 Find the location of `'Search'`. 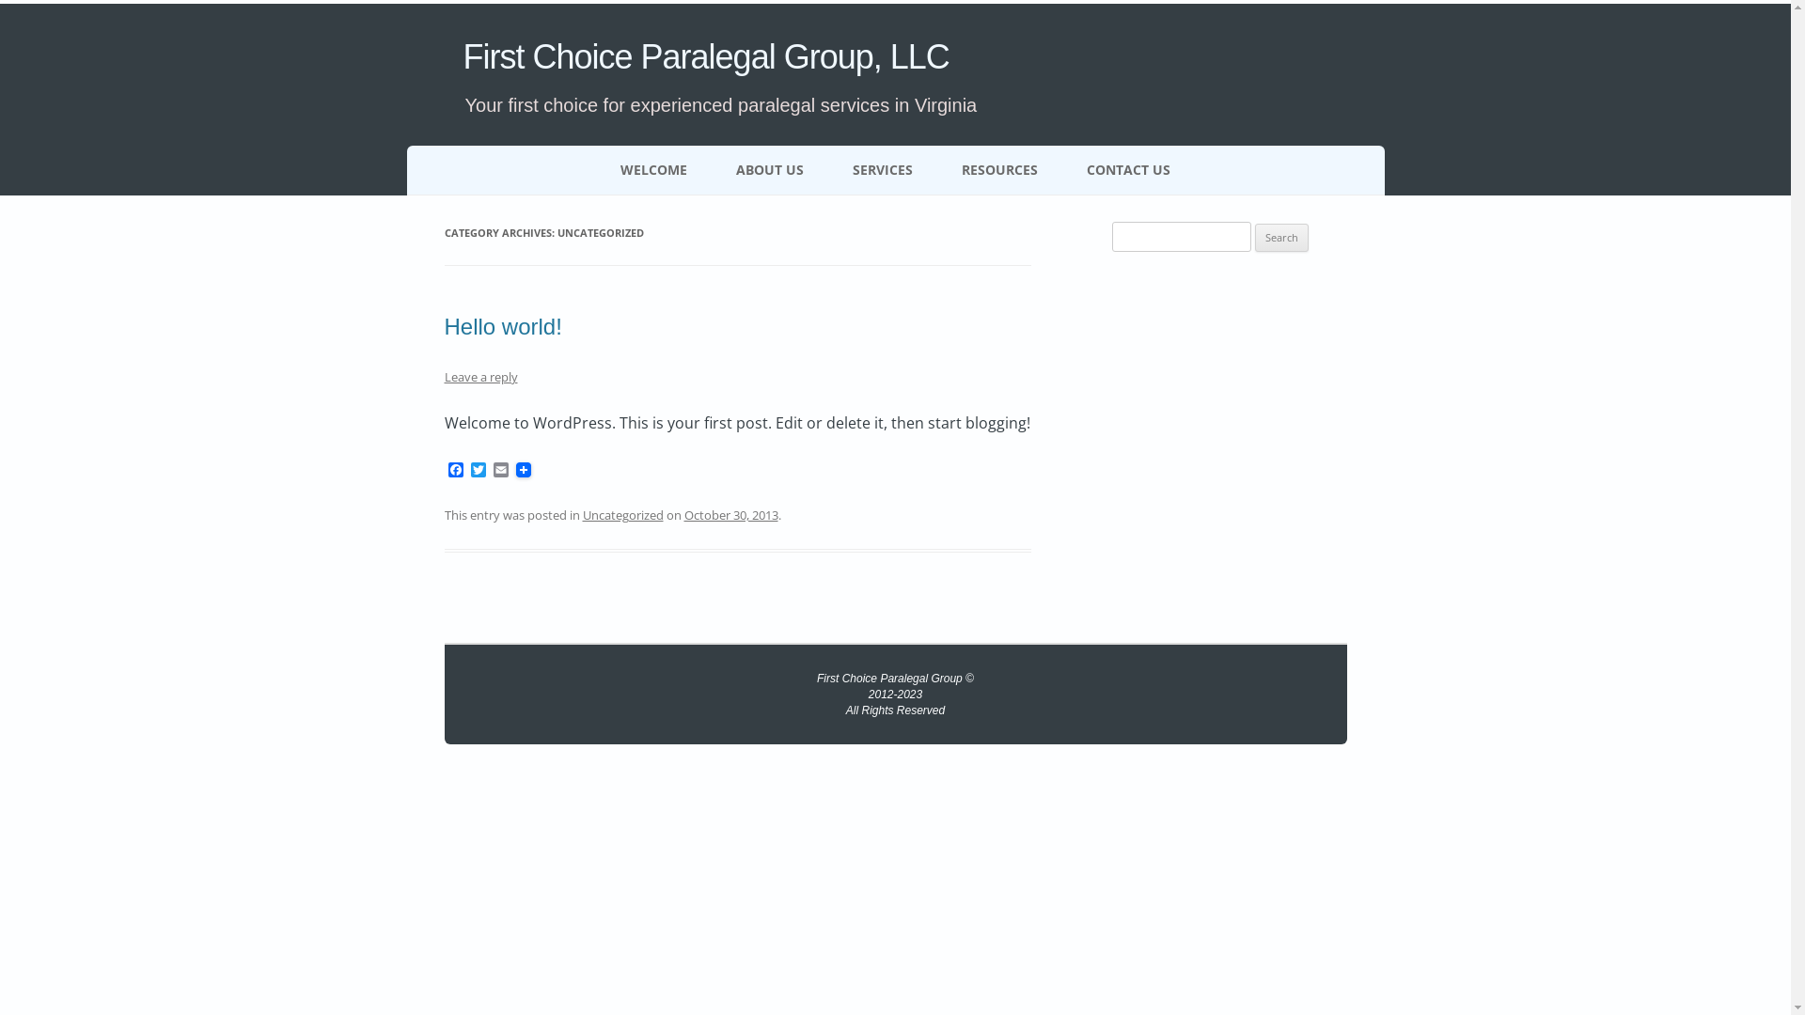

'Search' is located at coordinates (1280, 237).